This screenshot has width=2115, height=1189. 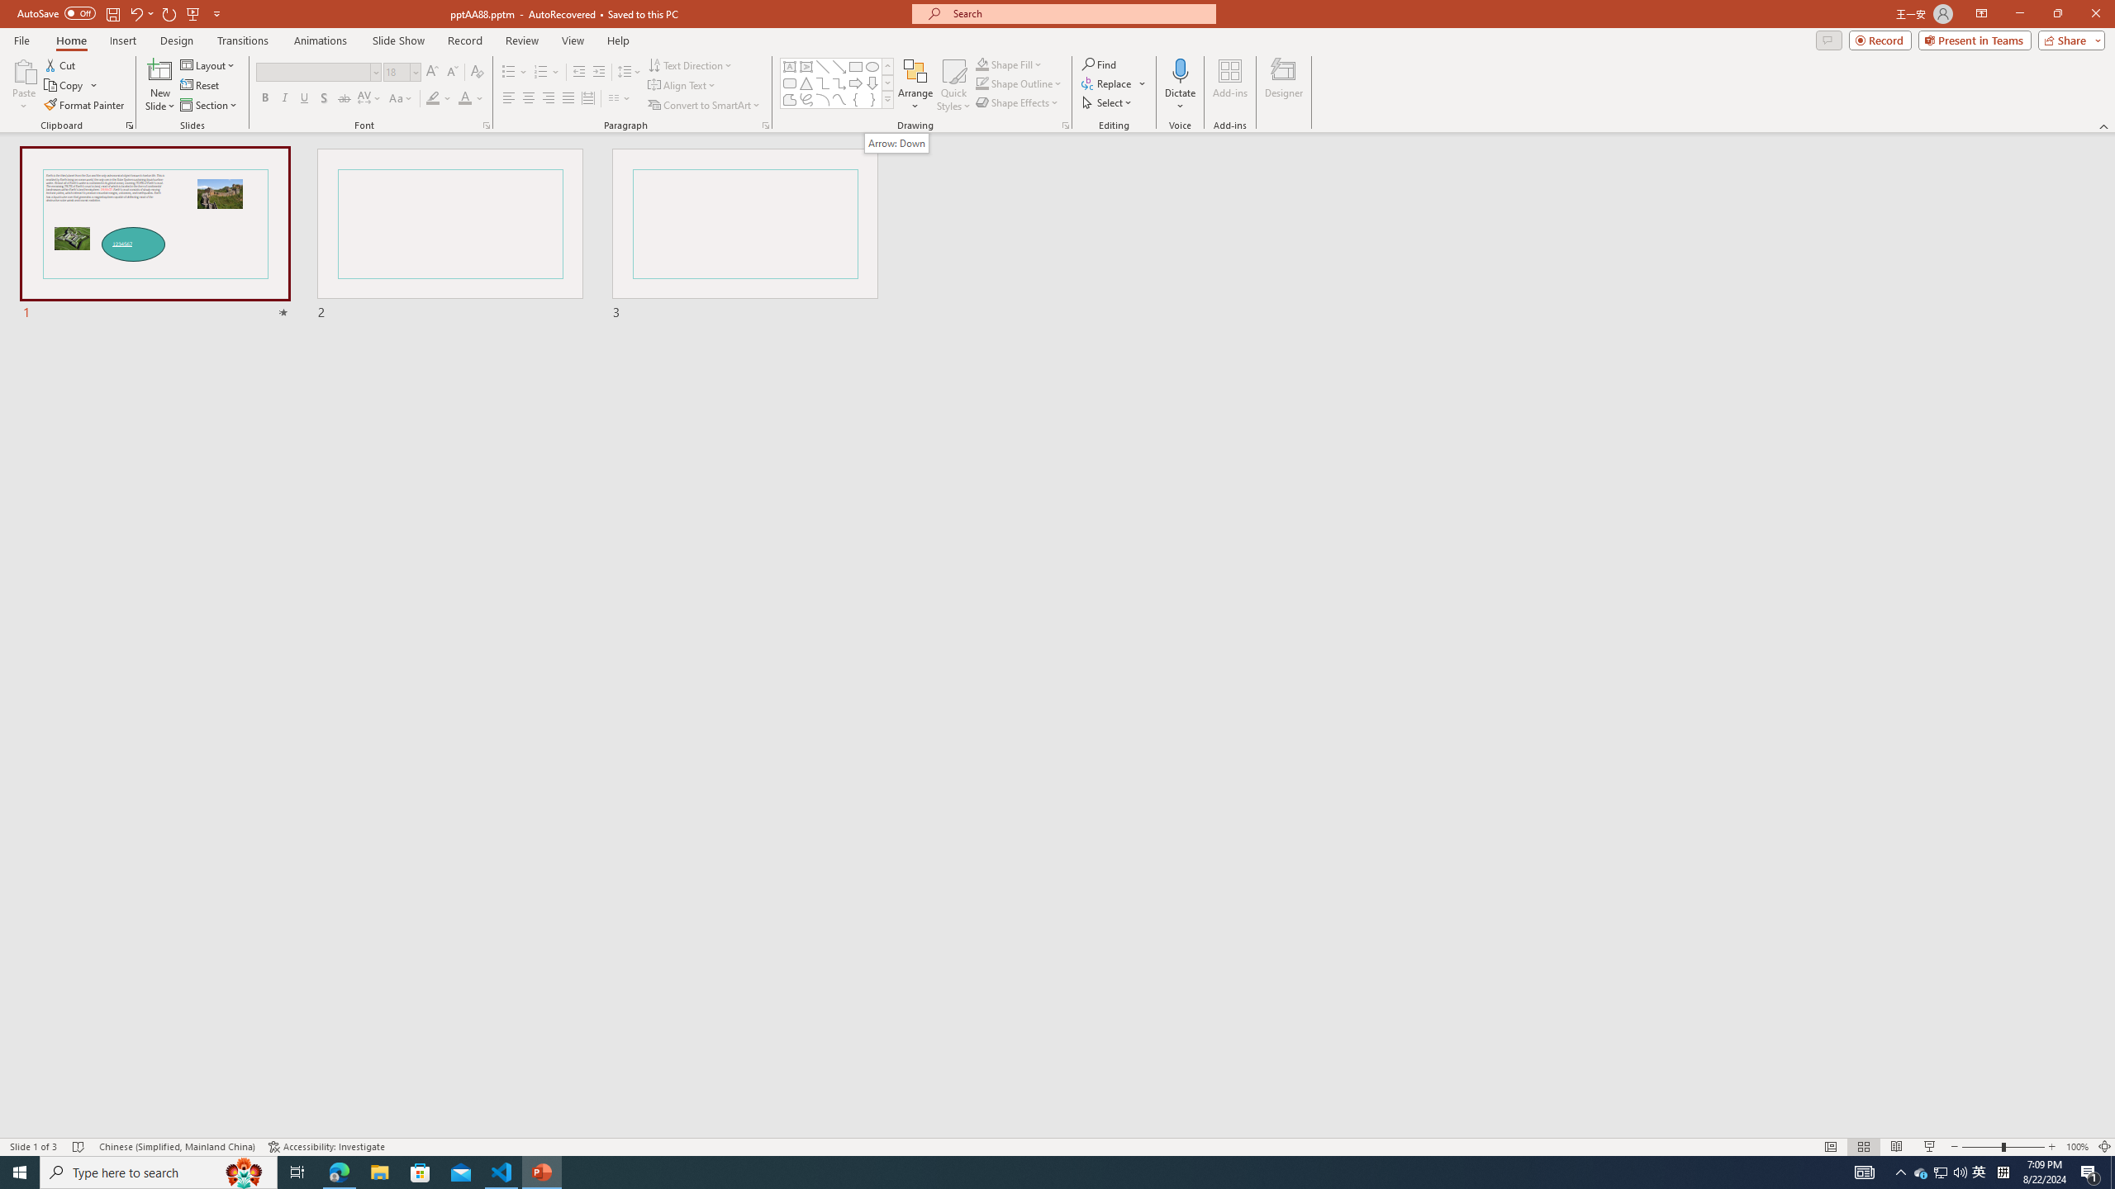 What do you see at coordinates (1283, 85) in the screenshot?
I see `'Designer'` at bounding box center [1283, 85].